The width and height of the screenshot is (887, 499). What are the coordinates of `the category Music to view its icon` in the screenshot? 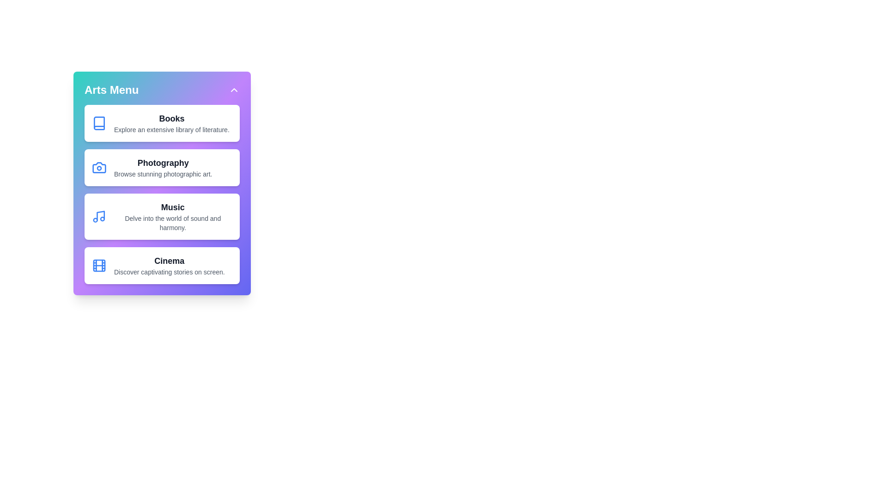 It's located at (162, 217).